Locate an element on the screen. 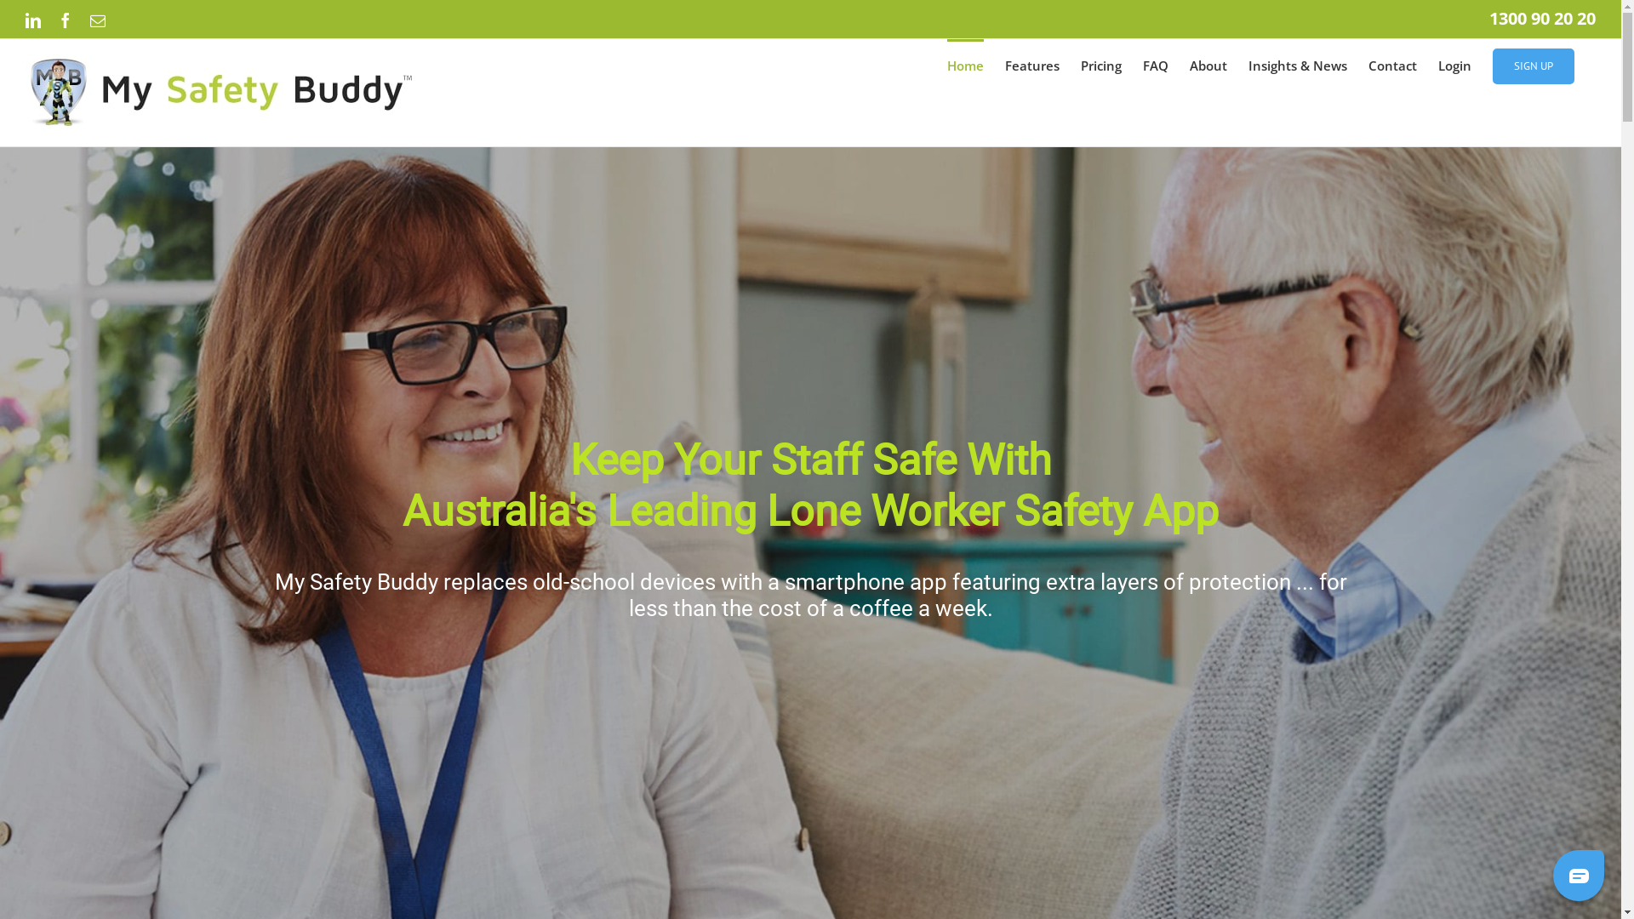  'Facebook' is located at coordinates (65, 20).